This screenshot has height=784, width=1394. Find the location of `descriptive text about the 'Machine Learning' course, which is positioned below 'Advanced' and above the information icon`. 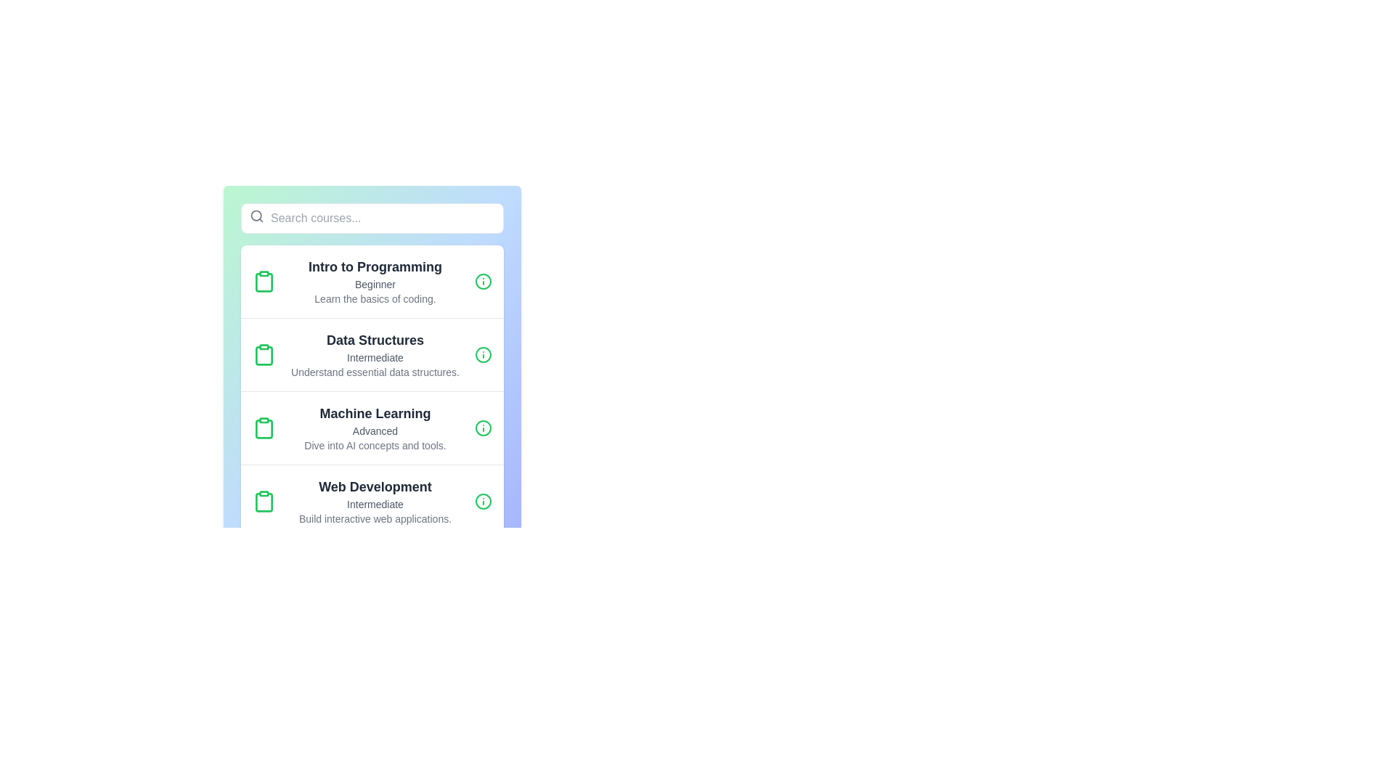

descriptive text about the 'Machine Learning' course, which is positioned below 'Advanced' and above the information icon is located at coordinates (375, 444).